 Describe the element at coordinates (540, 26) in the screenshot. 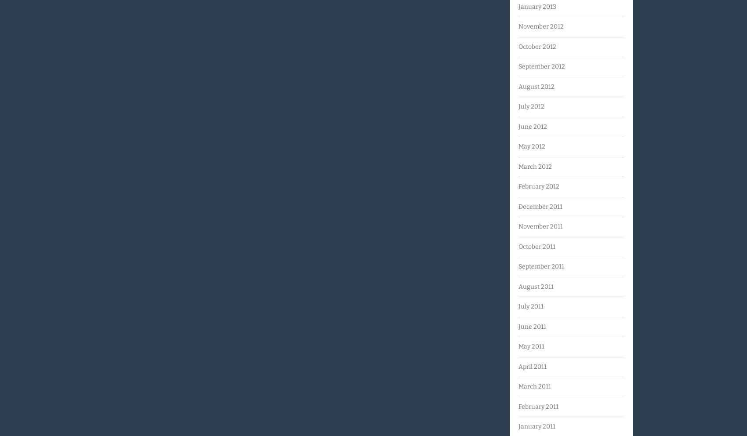

I see `'November 2012'` at that location.